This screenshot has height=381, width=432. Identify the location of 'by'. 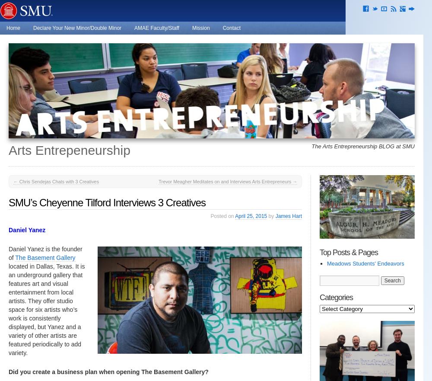
(271, 215).